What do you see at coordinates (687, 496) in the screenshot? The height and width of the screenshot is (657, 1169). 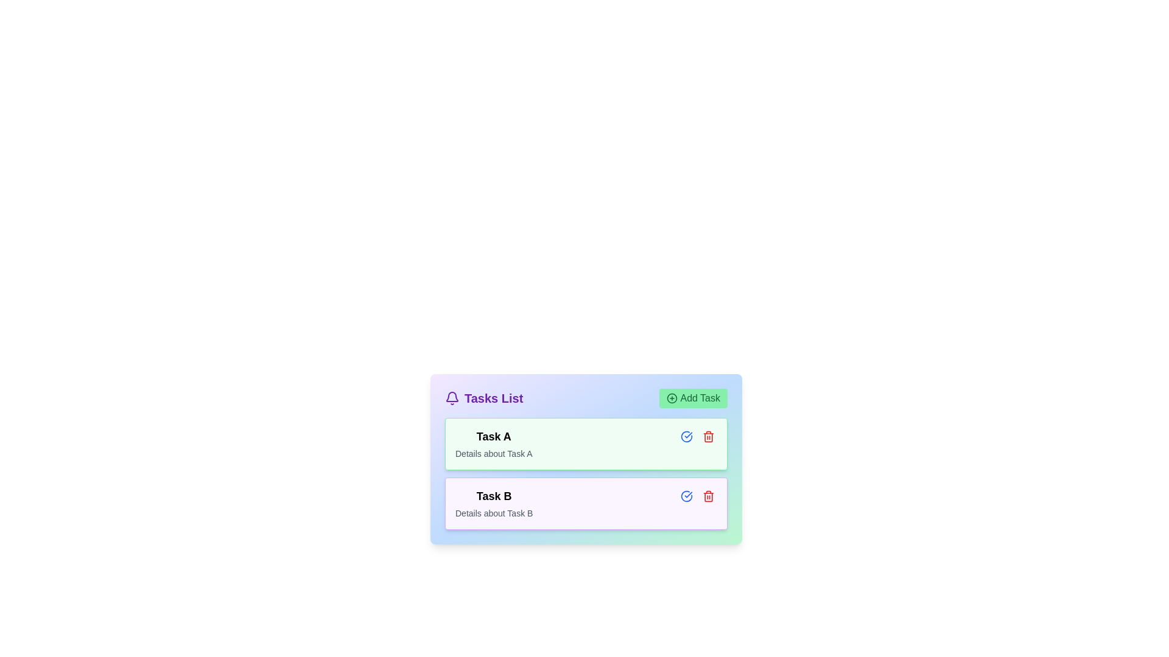 I see `the circular blue check icon located within the action controls of the 'Task B' row` at bounding box center [687, 496].